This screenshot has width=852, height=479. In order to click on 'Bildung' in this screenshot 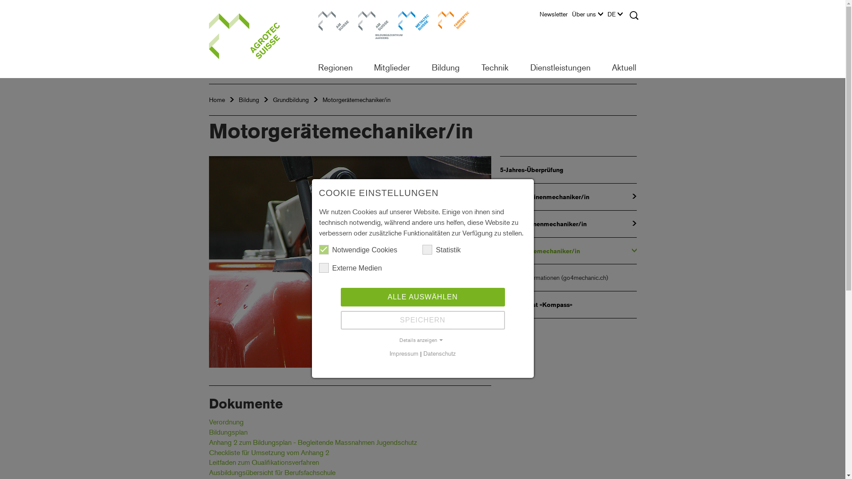, I will do `click(248, 99)`.